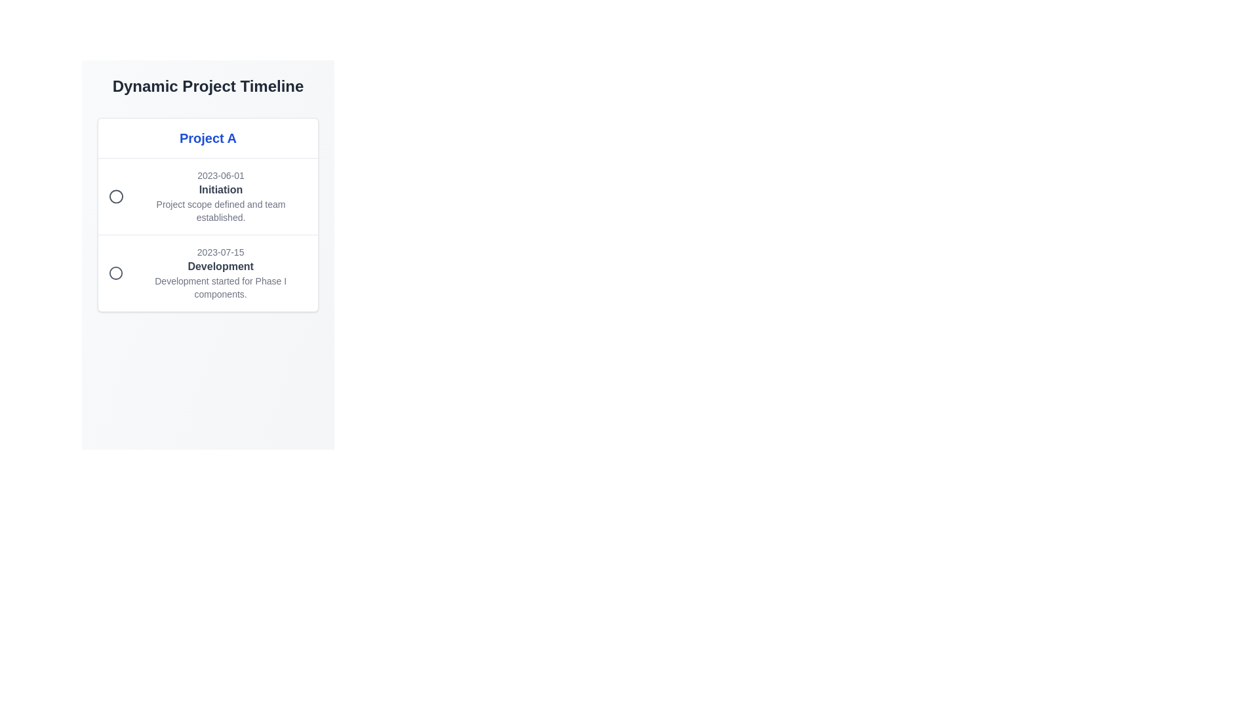 The width and height of the screenshot is (1259, 708). Describe the element at coordinates (207, 138) in the screenshot. I see `the 'Project A' text header, which is displayed in bold, blue font and positioned at the top of its section` at that location.